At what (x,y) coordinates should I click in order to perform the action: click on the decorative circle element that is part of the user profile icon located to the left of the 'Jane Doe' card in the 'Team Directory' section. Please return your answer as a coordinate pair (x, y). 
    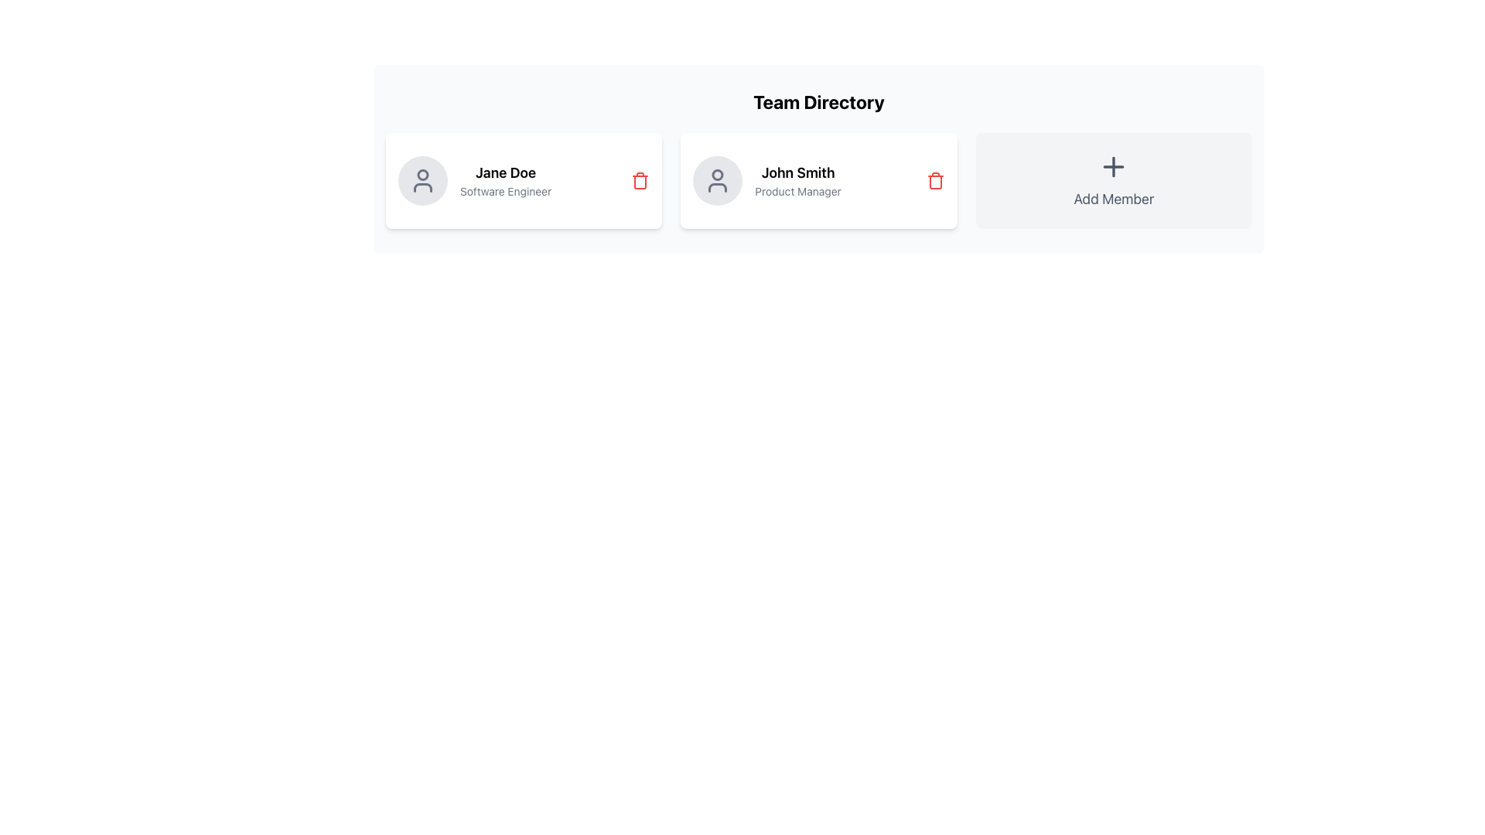
    Looking at the image, I should click on (423, 174).